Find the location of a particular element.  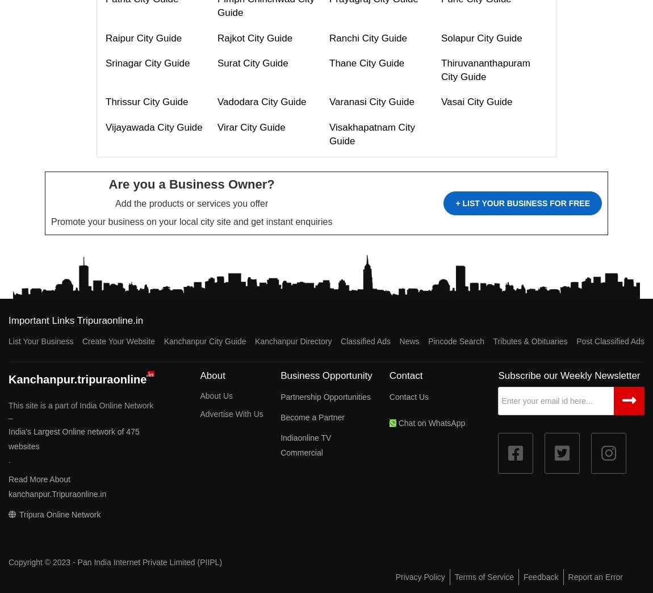

'About Us' is located at coordinates (200, 395).